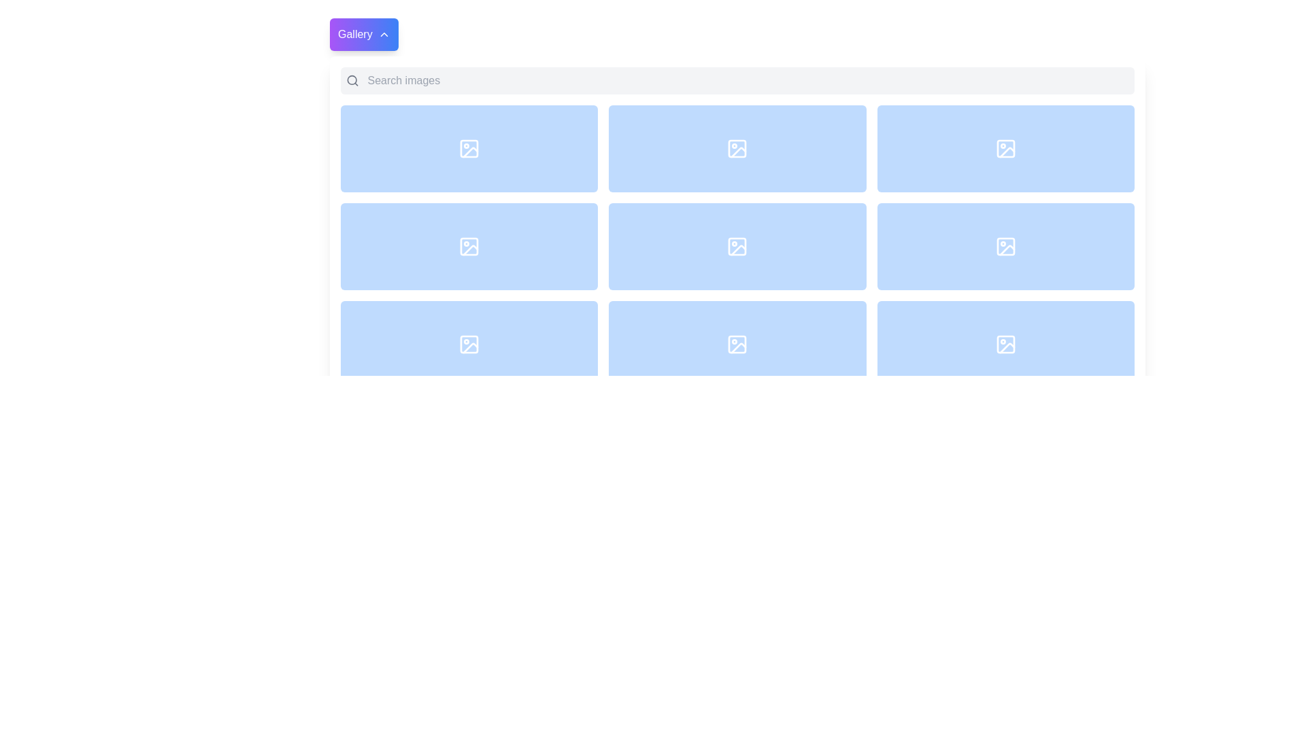 This screenshot has height=734, width=1306. I want to click on the rectangular button with a light blue background and a picture icon, so click(469, 343).